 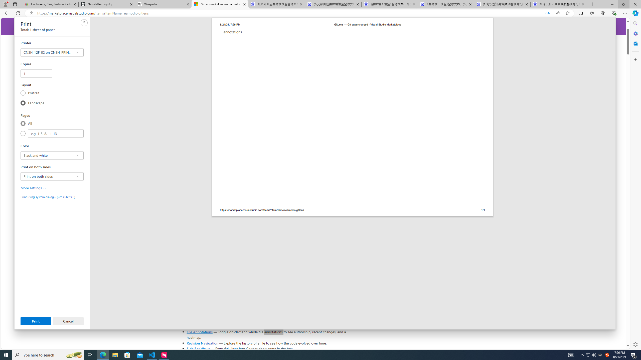 What do you see at coordinates (52, 155) in the screenshot?
I see `'Color Black and white'` at bounding box center [52, 155].